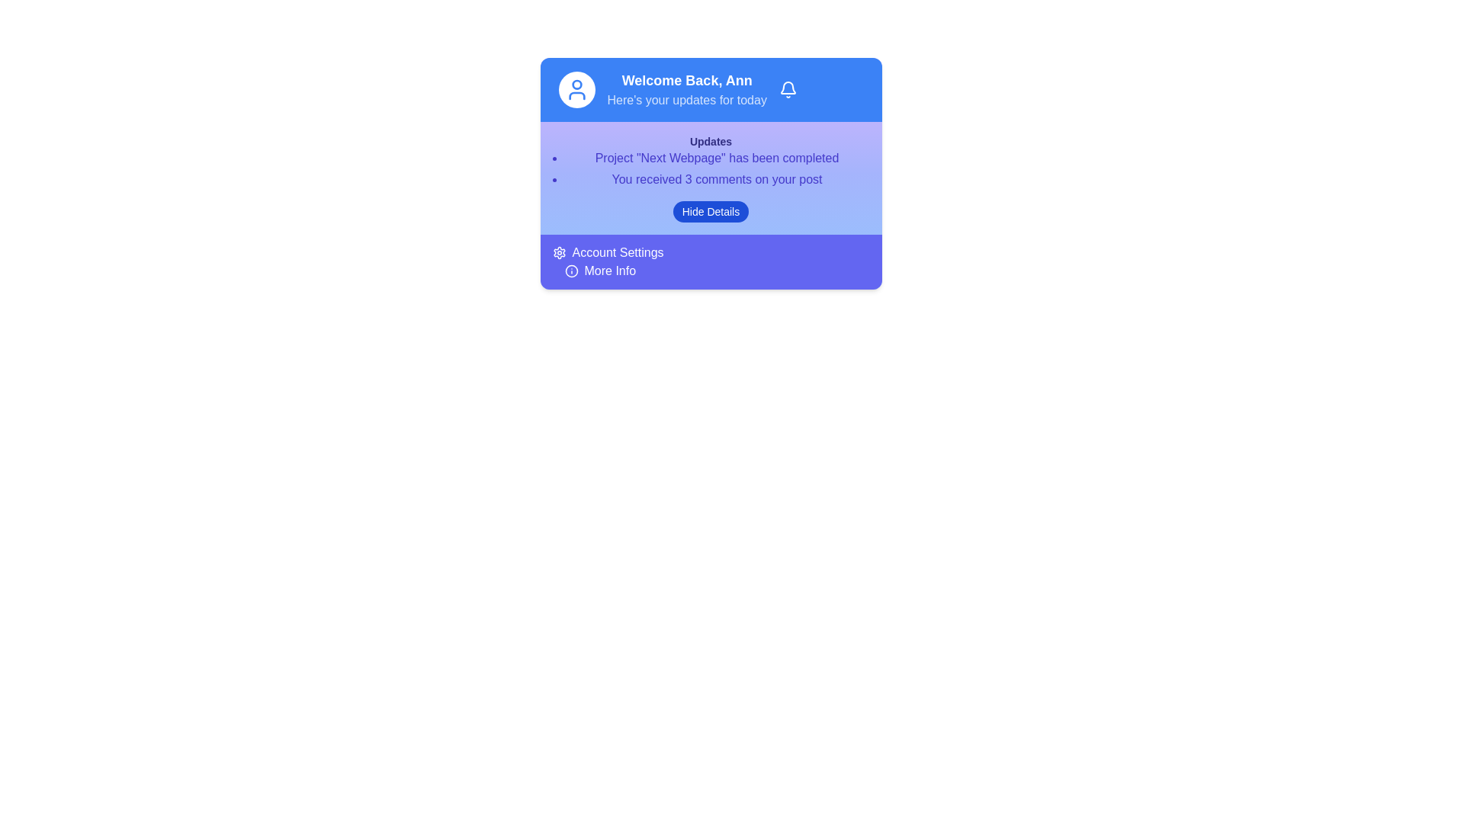  What do you see at coordinates (610, 270) in the screenshot?
I see `the 'More Info' button styled in white text against a purple background` at bounding box center [610, 270].